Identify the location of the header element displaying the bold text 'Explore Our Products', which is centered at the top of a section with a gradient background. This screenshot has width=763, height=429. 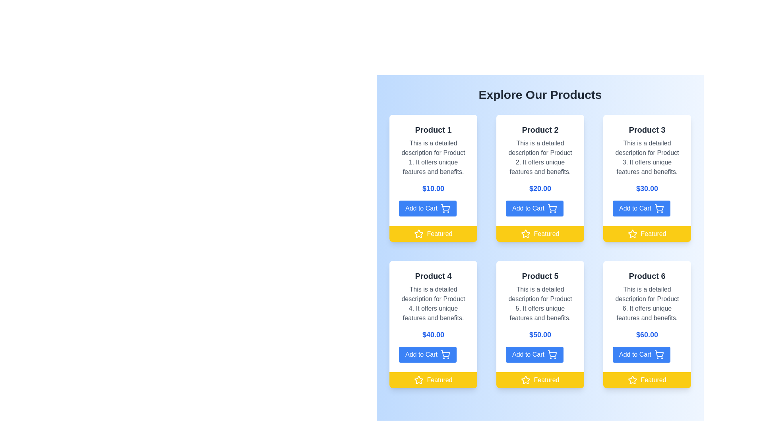
(540, 95).